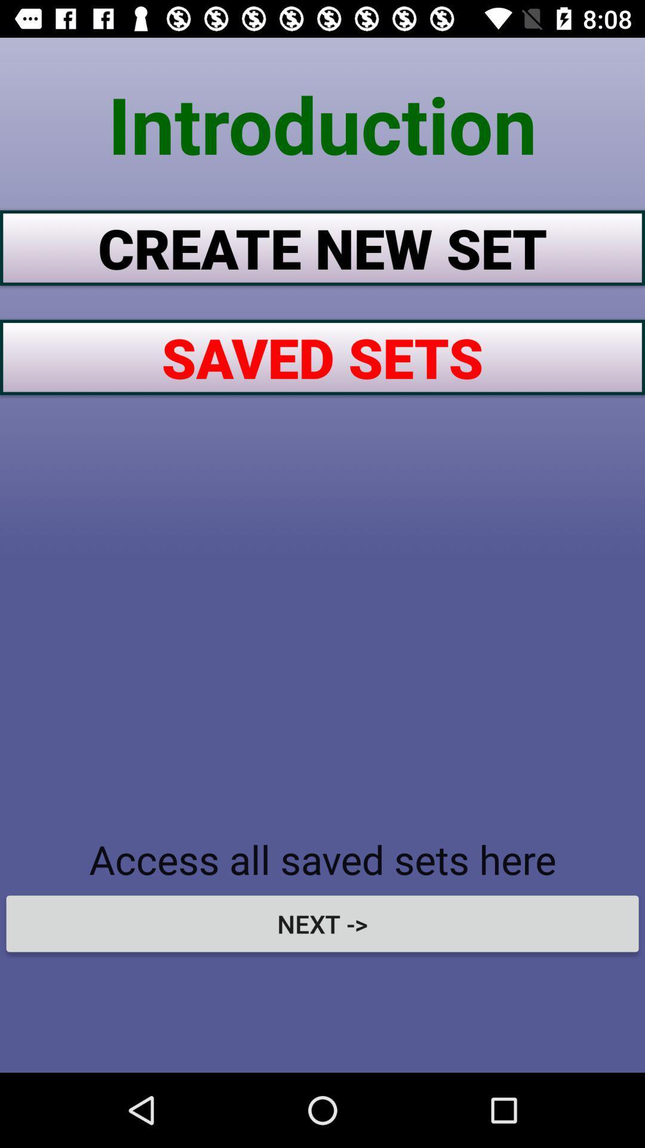 This screenshot has width=645, height=1148. Describe the element at coordinates (322, 247) in the screenshot. I see `icon above saved sets` at that location.